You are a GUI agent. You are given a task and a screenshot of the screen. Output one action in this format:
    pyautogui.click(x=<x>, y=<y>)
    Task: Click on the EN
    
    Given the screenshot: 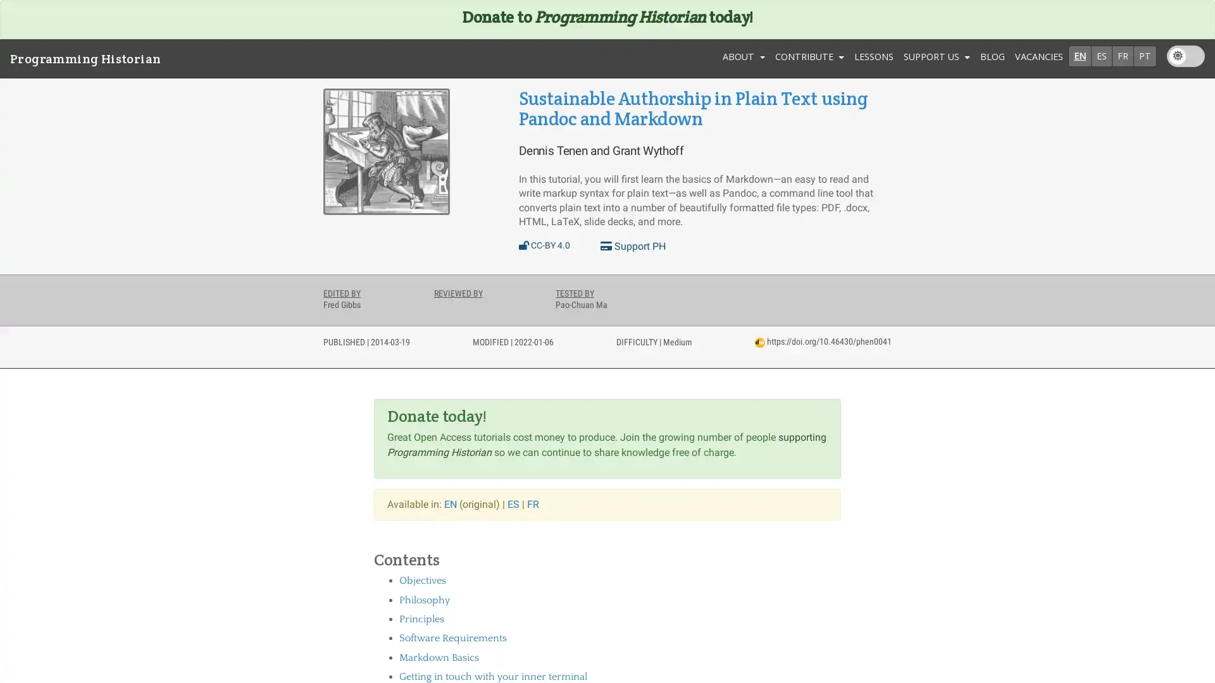 What is the action you would take?
    pyautogui.click(x=1079, y=55)
    